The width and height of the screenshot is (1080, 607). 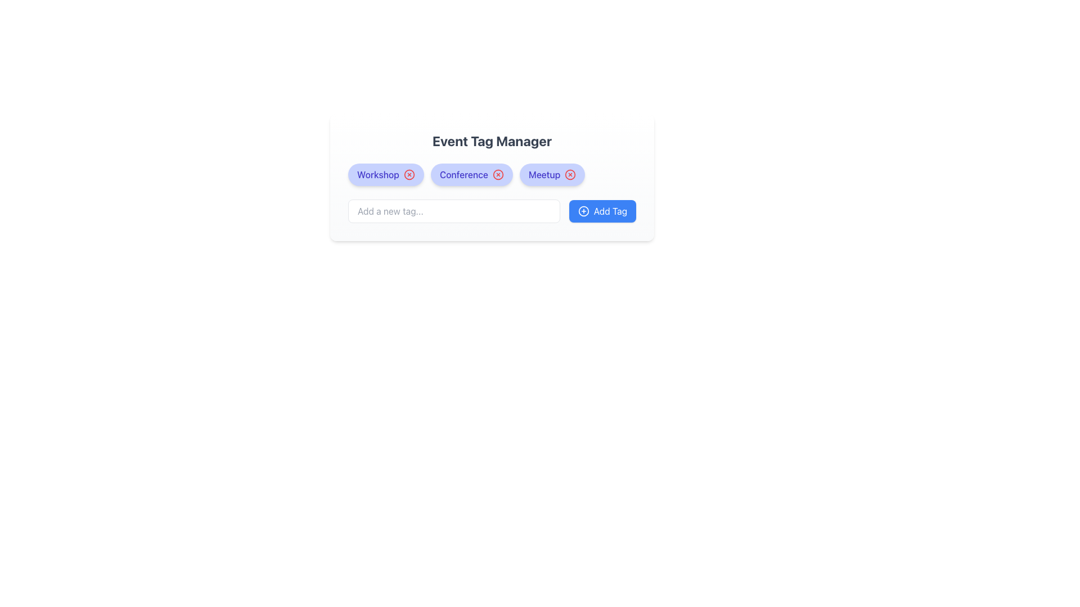 I want to click on the red circular icon associated with the 'X' icon under 'Event Tag Manager', so click(x=570, y=175).